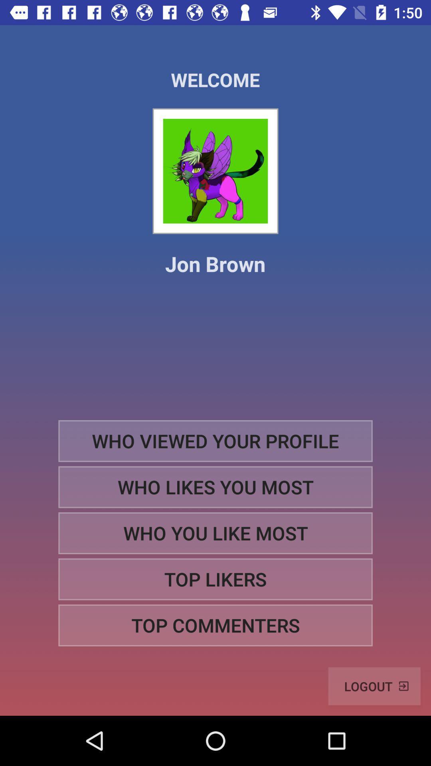  What do you see at coordinates (374, 686) in the screenshot?
I see `the item below top commenters item` at bounding box center [374, 686].